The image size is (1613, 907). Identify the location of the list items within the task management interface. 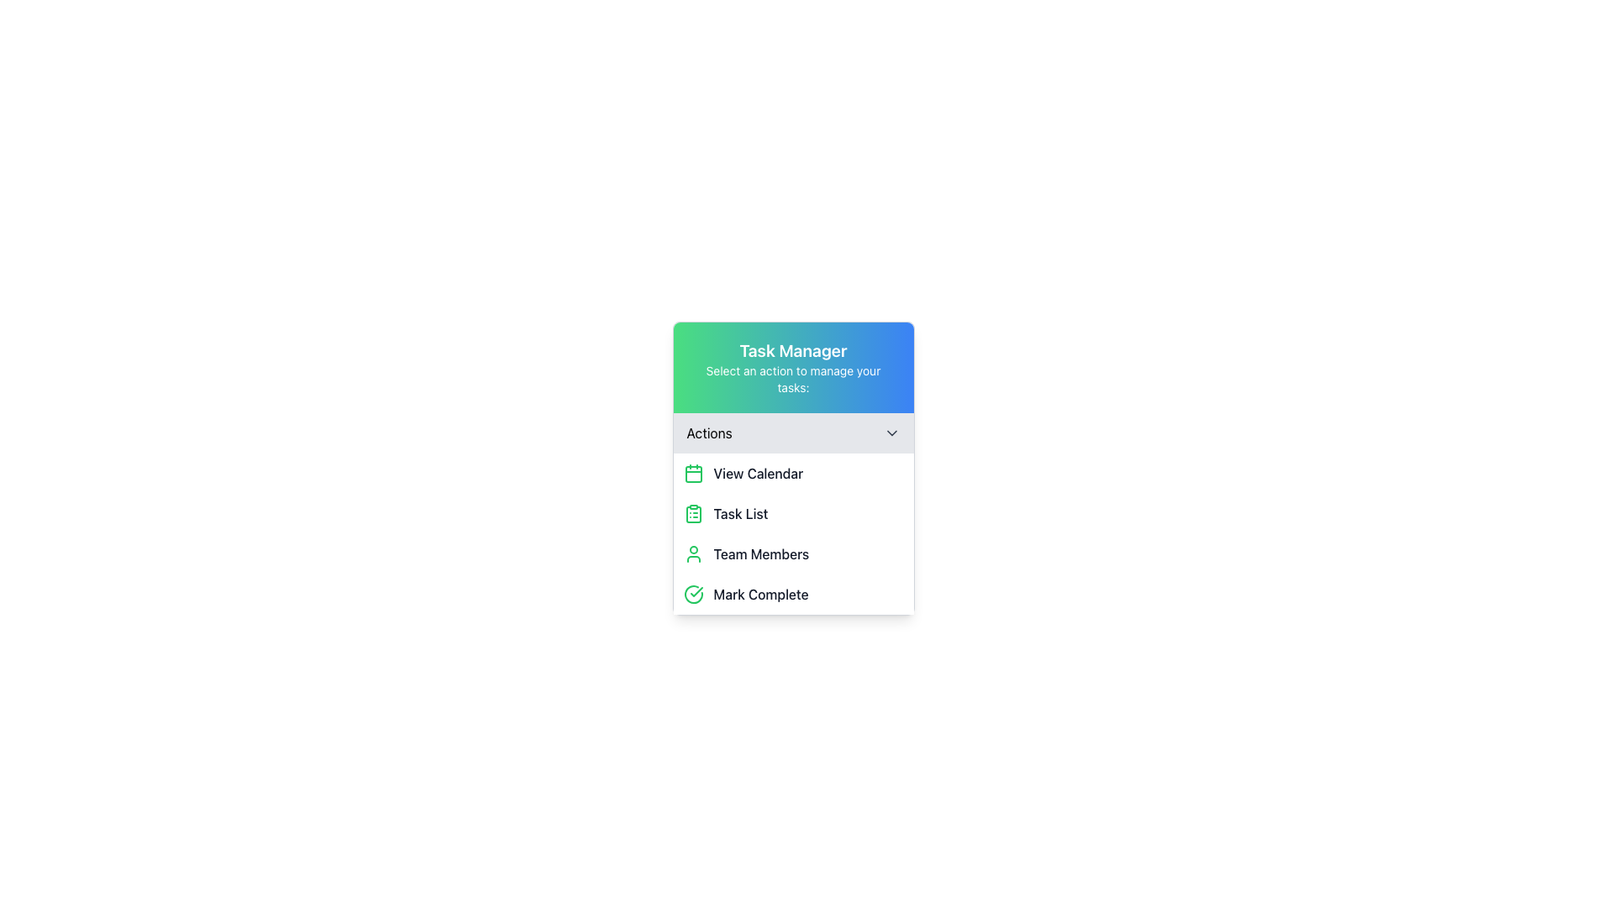
(792, 469).